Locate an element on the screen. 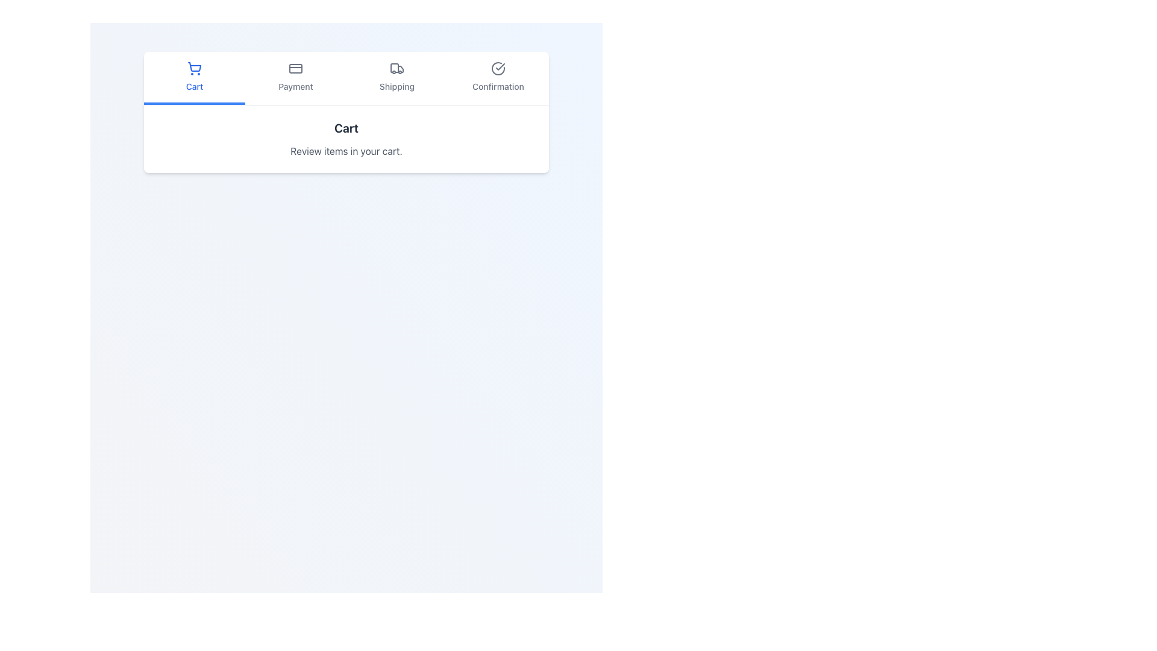  the 'Confirmation' text label located below the checkmark icon, which is part of the navigation steps group, positioned to the far right is located at coordinates (498, 86).